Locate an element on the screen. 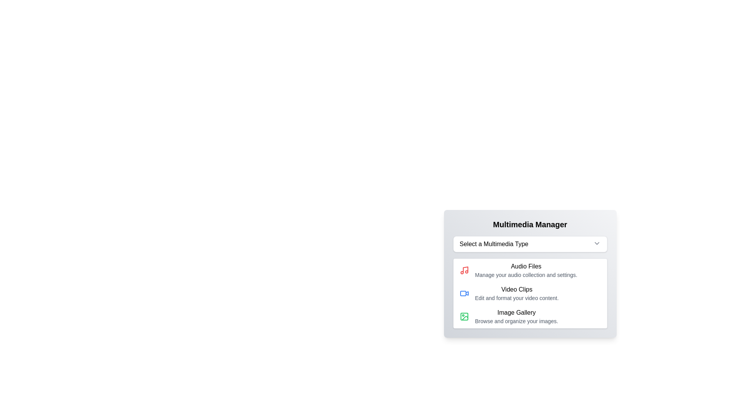  the descriptive text reading 'Edit and format your video content.' which is positioned below the 'Video Clips' label is located at coordinates (517, 298).